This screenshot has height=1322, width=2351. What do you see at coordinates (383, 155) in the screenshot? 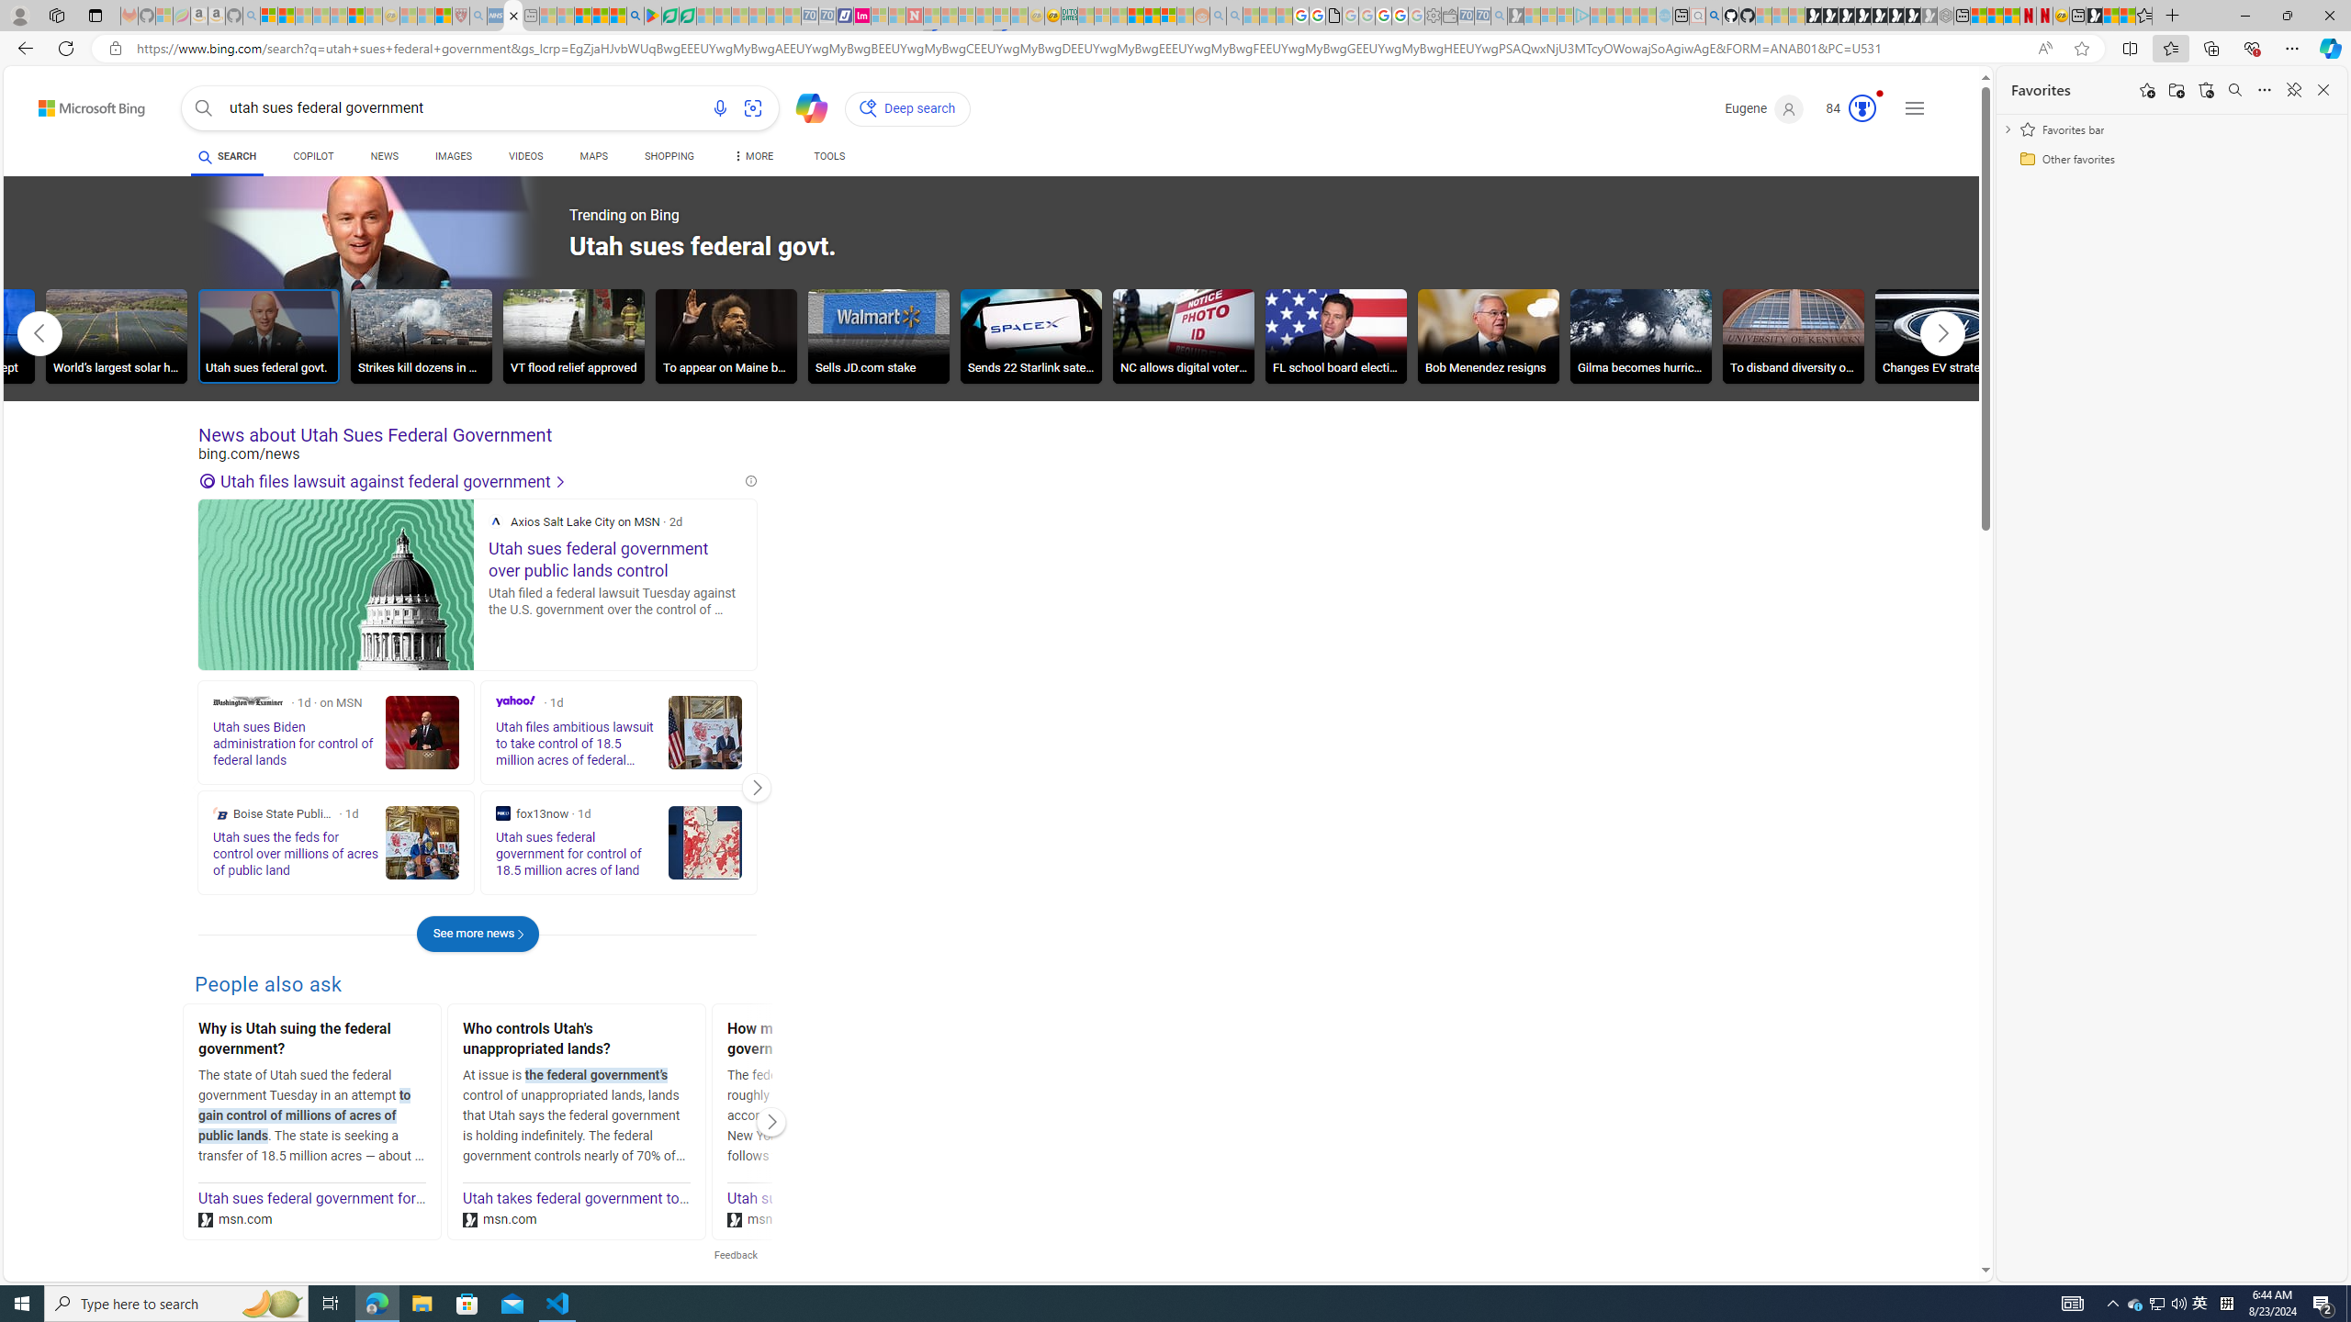
I see `'NEWS'` at bounding box center [383, 155].